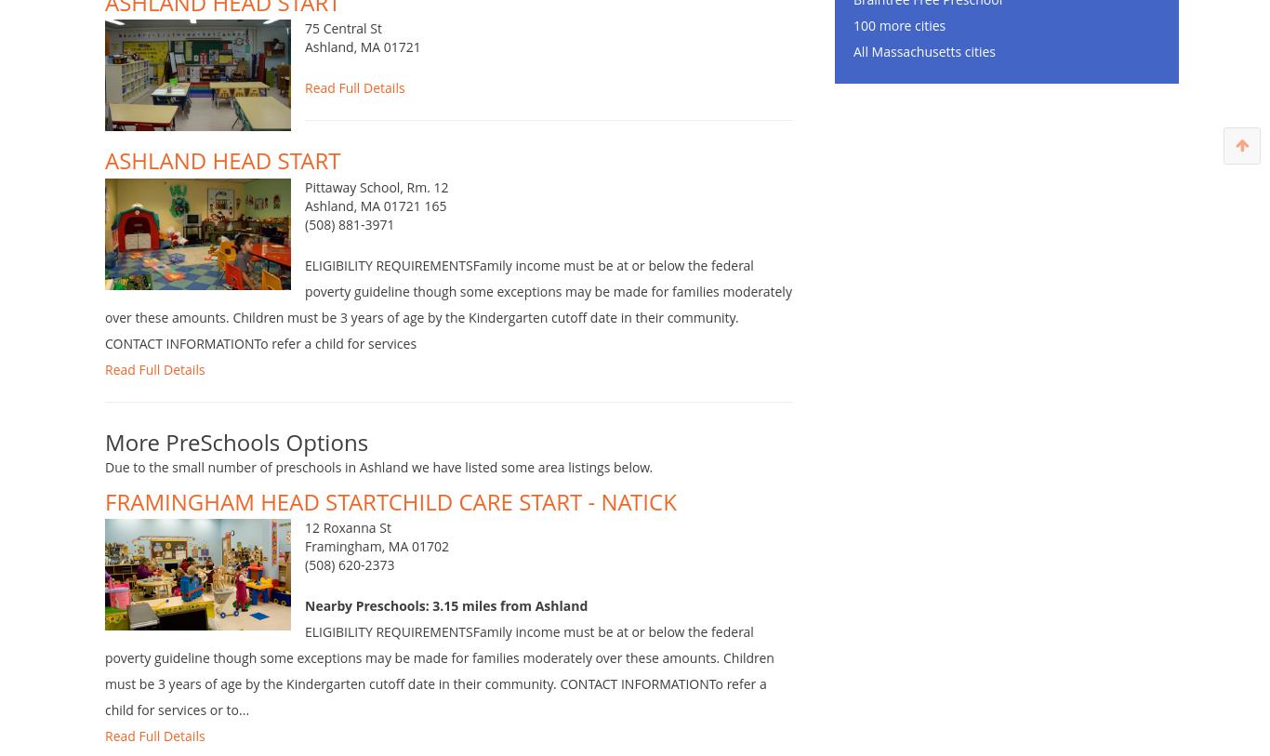  Describe the element at coordinates (439, 699) in the screenshot. I see `'ELIGIBILITY REQUIREMENTSFamily income must be at or below the federal poverty guideline though some exceptions may be made for families moderately over these amounts. Children must be 3 years of age by the Kindergarten cutoff date in their community. CONTACT INFORMATIONTo refer a child for services or to...'` at that location.